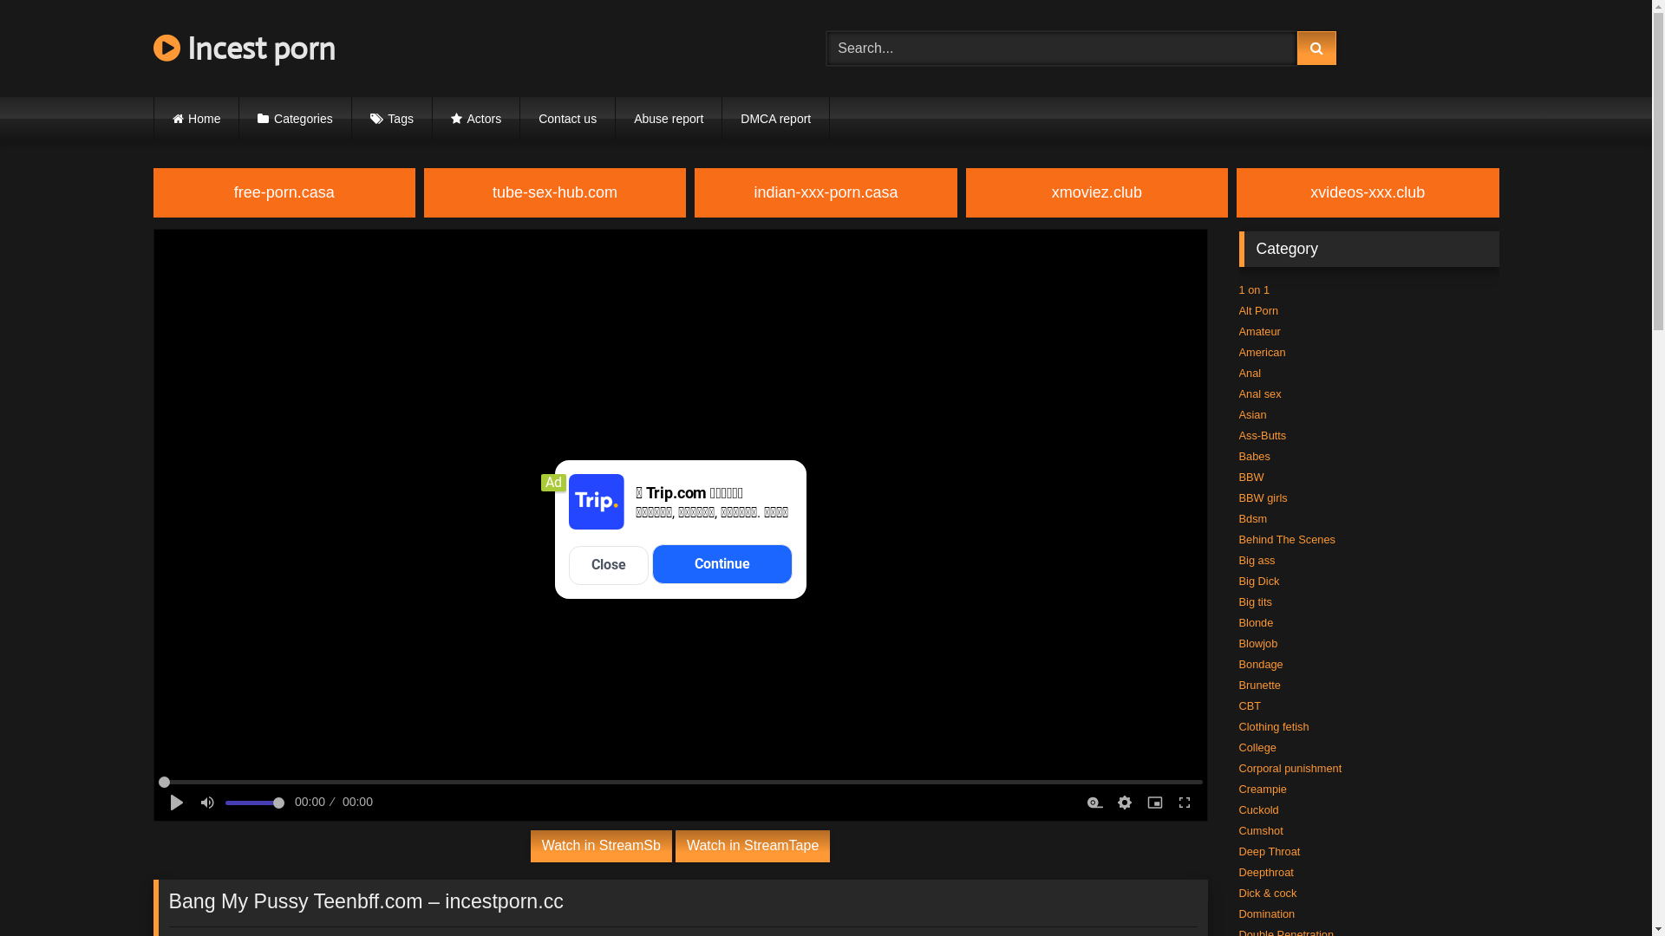 This screenshot has height=936, width=1665. Describe the element at coordinates (553, 192) in the screenshot. I see `'tube-sex-hub.com'` at that location.